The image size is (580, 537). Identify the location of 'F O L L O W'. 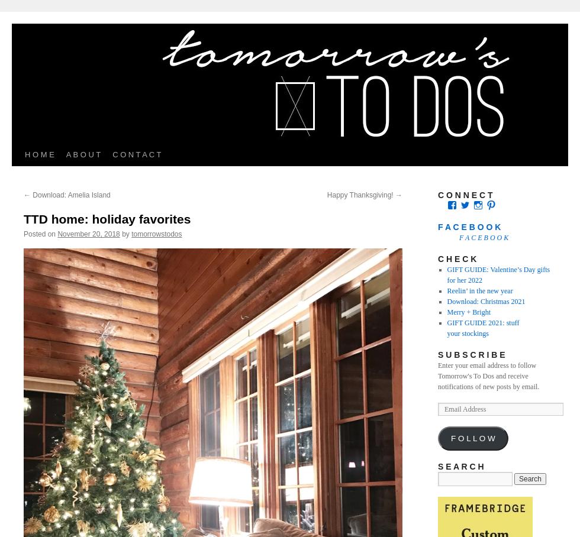
(472, 438).